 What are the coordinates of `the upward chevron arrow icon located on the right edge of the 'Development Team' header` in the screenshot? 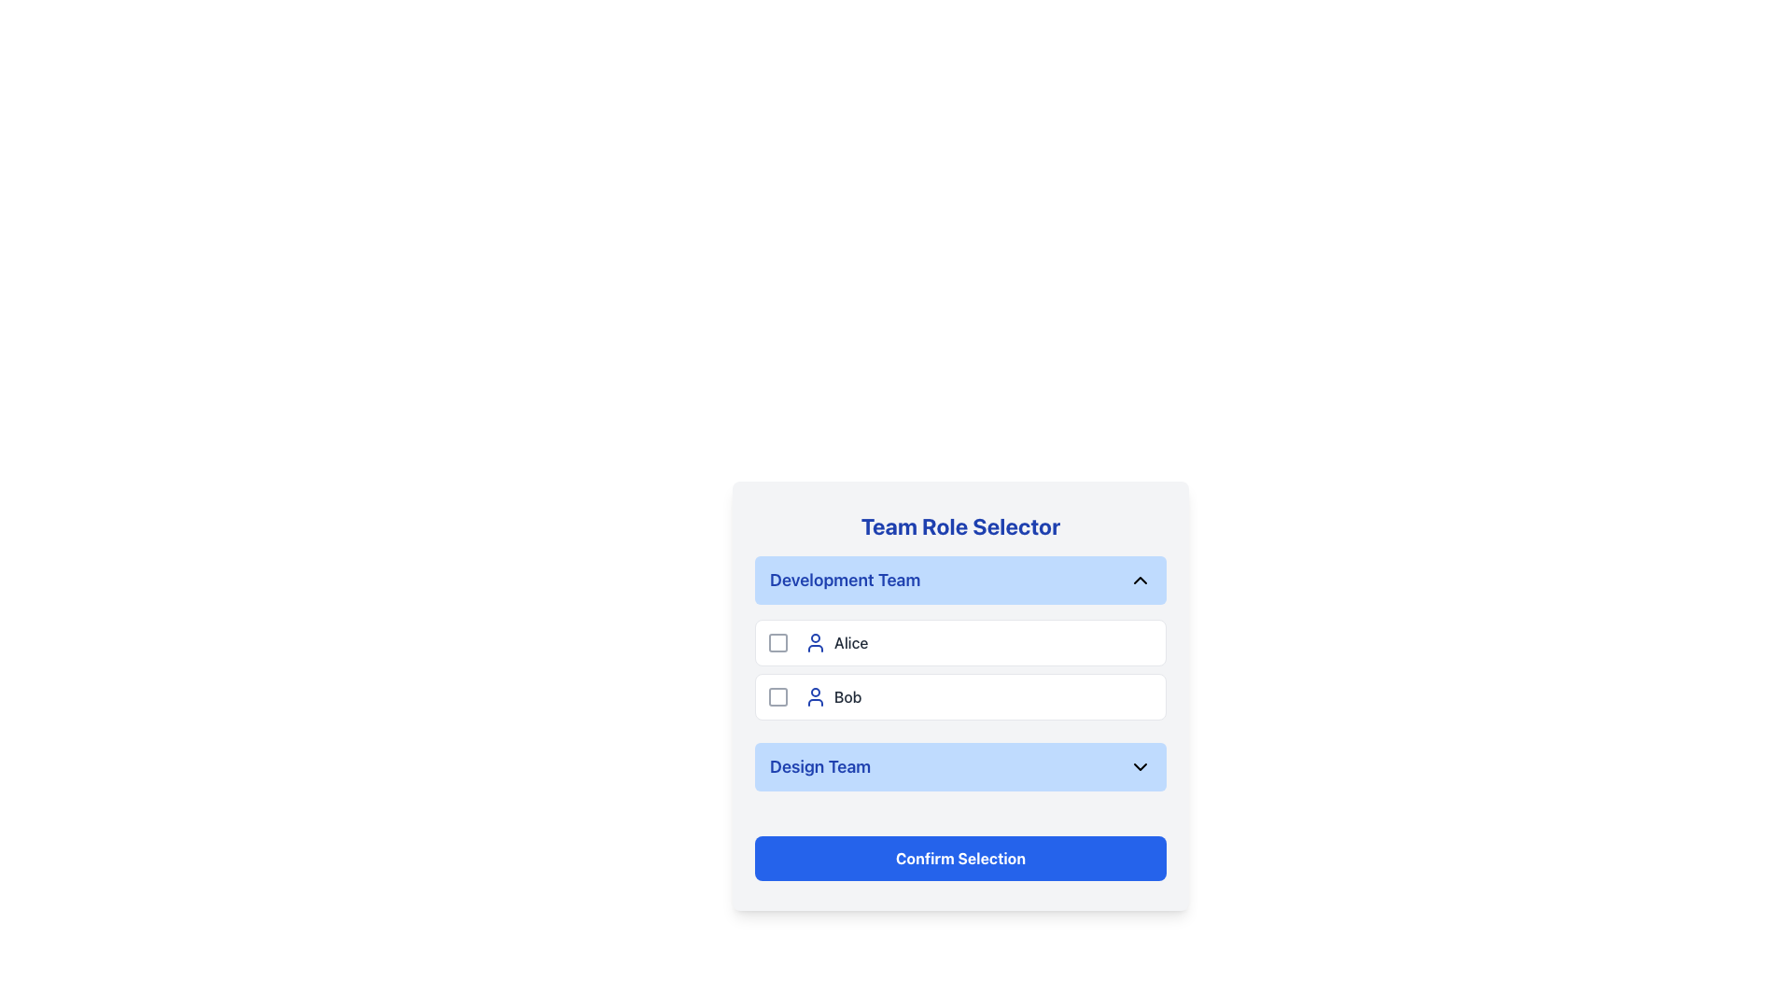 It's located at (1140, 579).